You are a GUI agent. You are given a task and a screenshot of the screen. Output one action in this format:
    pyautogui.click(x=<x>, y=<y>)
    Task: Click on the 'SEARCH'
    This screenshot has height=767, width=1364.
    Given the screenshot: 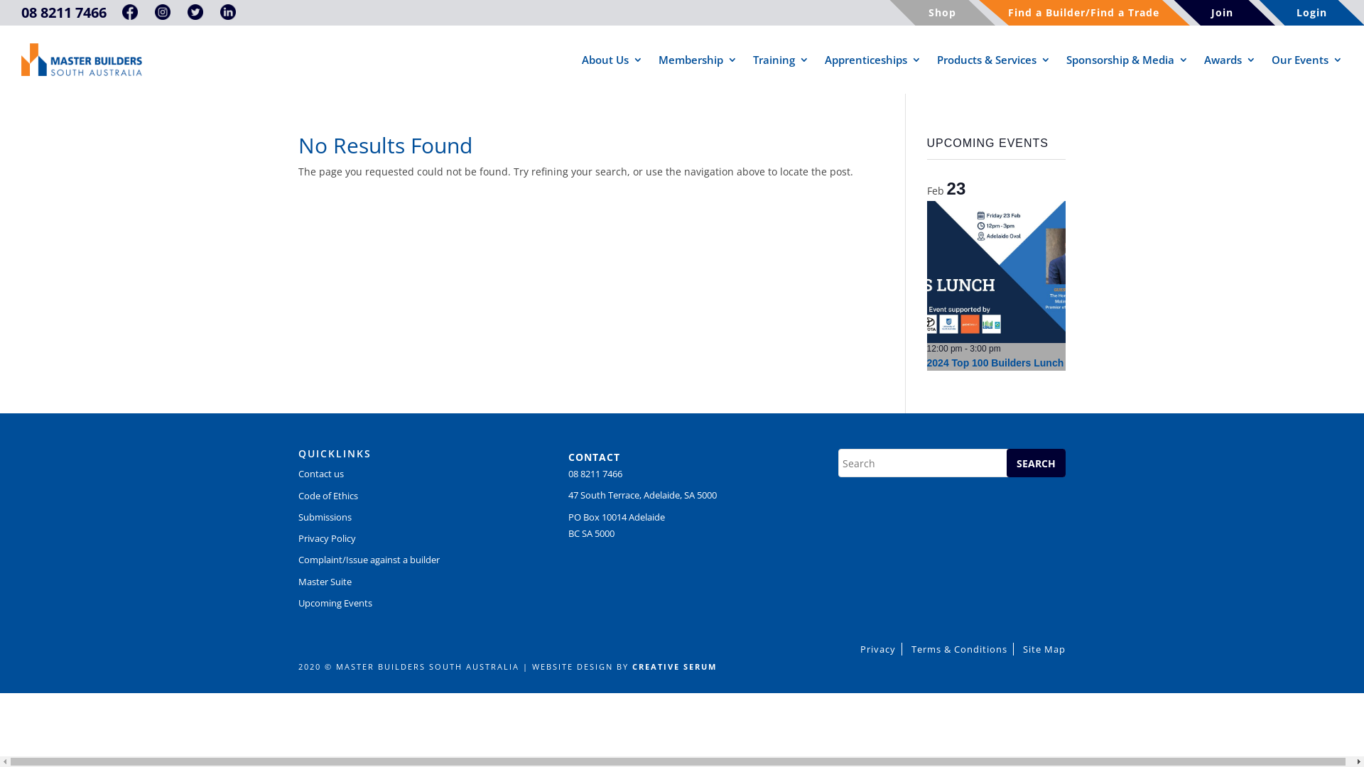 What is the action you would take?
    pyautogui.click(x=1005, y=462)
    